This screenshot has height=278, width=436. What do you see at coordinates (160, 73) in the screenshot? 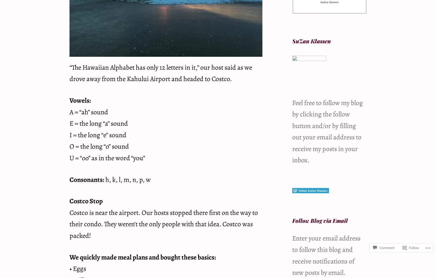
I see `'“The Hawaiian Alphabet has only 12 letters in it,” our host said as we drove away from the Kahului Airport and headed to Costco.'` at bounding box center [160, 73].